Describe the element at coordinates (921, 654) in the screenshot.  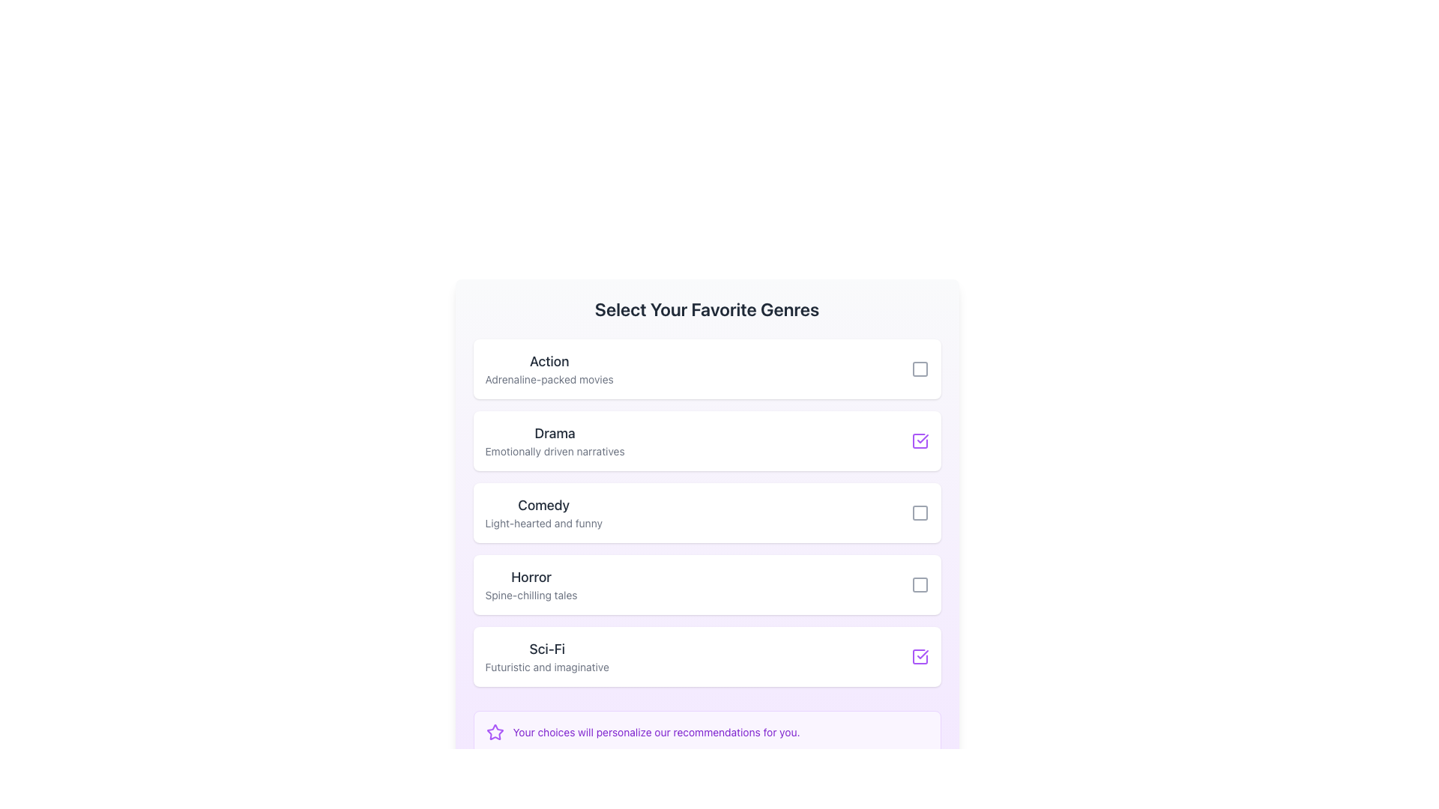
I see `the check-mark icon with a purple outline indicating selection for the 'Sci-Fi' option` at that location.